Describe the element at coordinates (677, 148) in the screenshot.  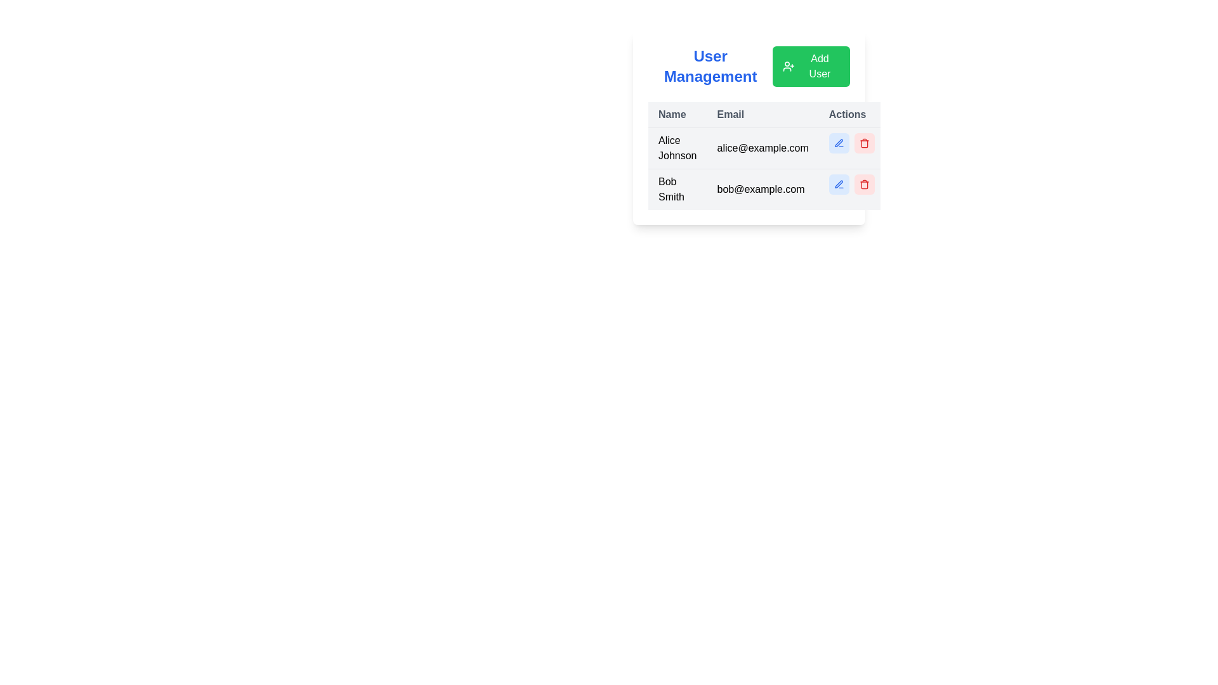
I see `the text label displaying 'Alice Johnson', which is the first cell in the 'Name' column of the table` at that location.